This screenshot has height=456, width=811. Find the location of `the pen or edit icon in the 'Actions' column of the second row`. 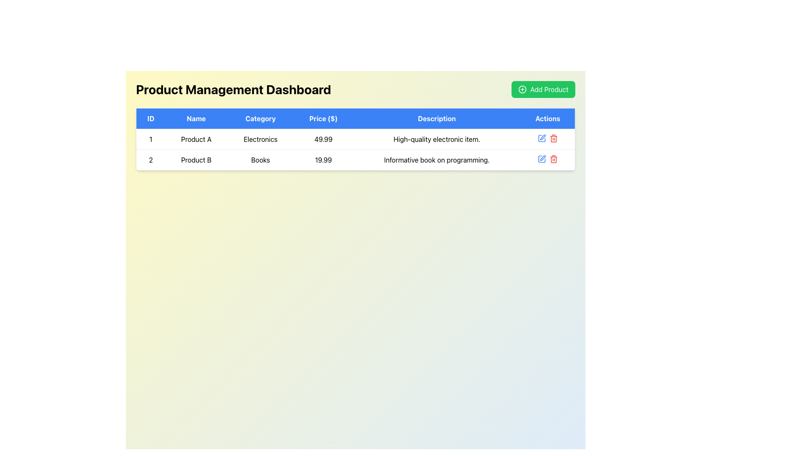

the pen or edit icon in the 'Actions' column of the second row is located at coordinates (543, 158).